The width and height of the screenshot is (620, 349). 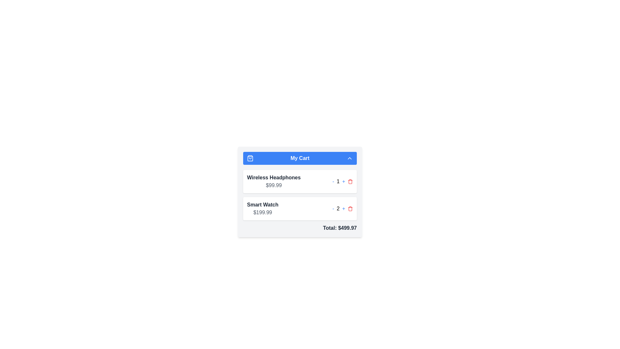 I want to click on displayed price of '$199.99' from the static text element styled in gray font, located beneath 'Smart Watch' in the cart UI, so click(x=263, y=213).